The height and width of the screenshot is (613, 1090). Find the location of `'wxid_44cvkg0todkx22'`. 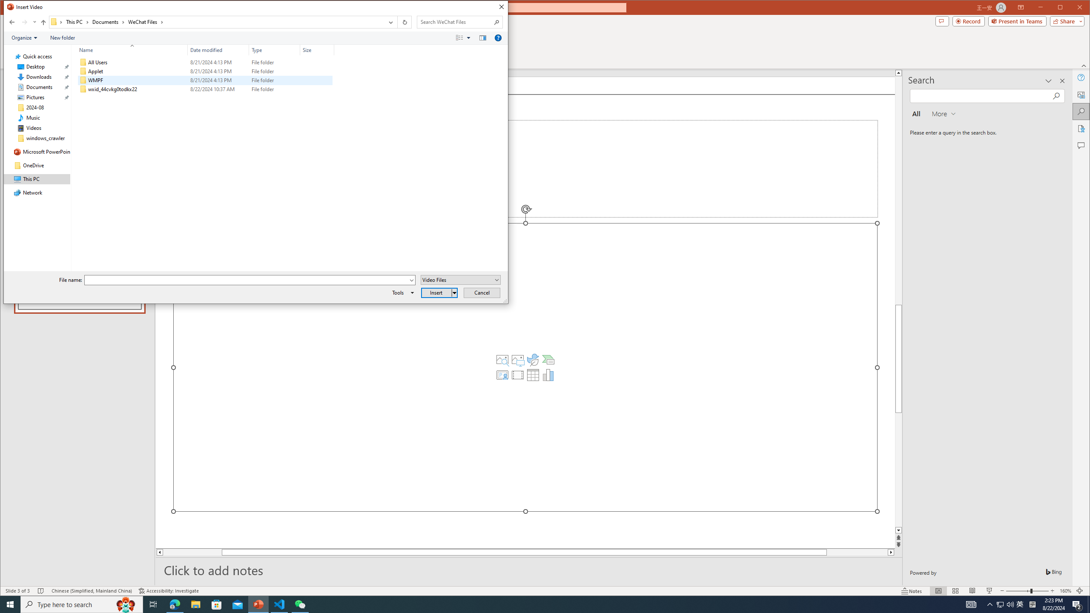

'wxid_44cvkg0todkx22' is located at coordinates (205, 89).